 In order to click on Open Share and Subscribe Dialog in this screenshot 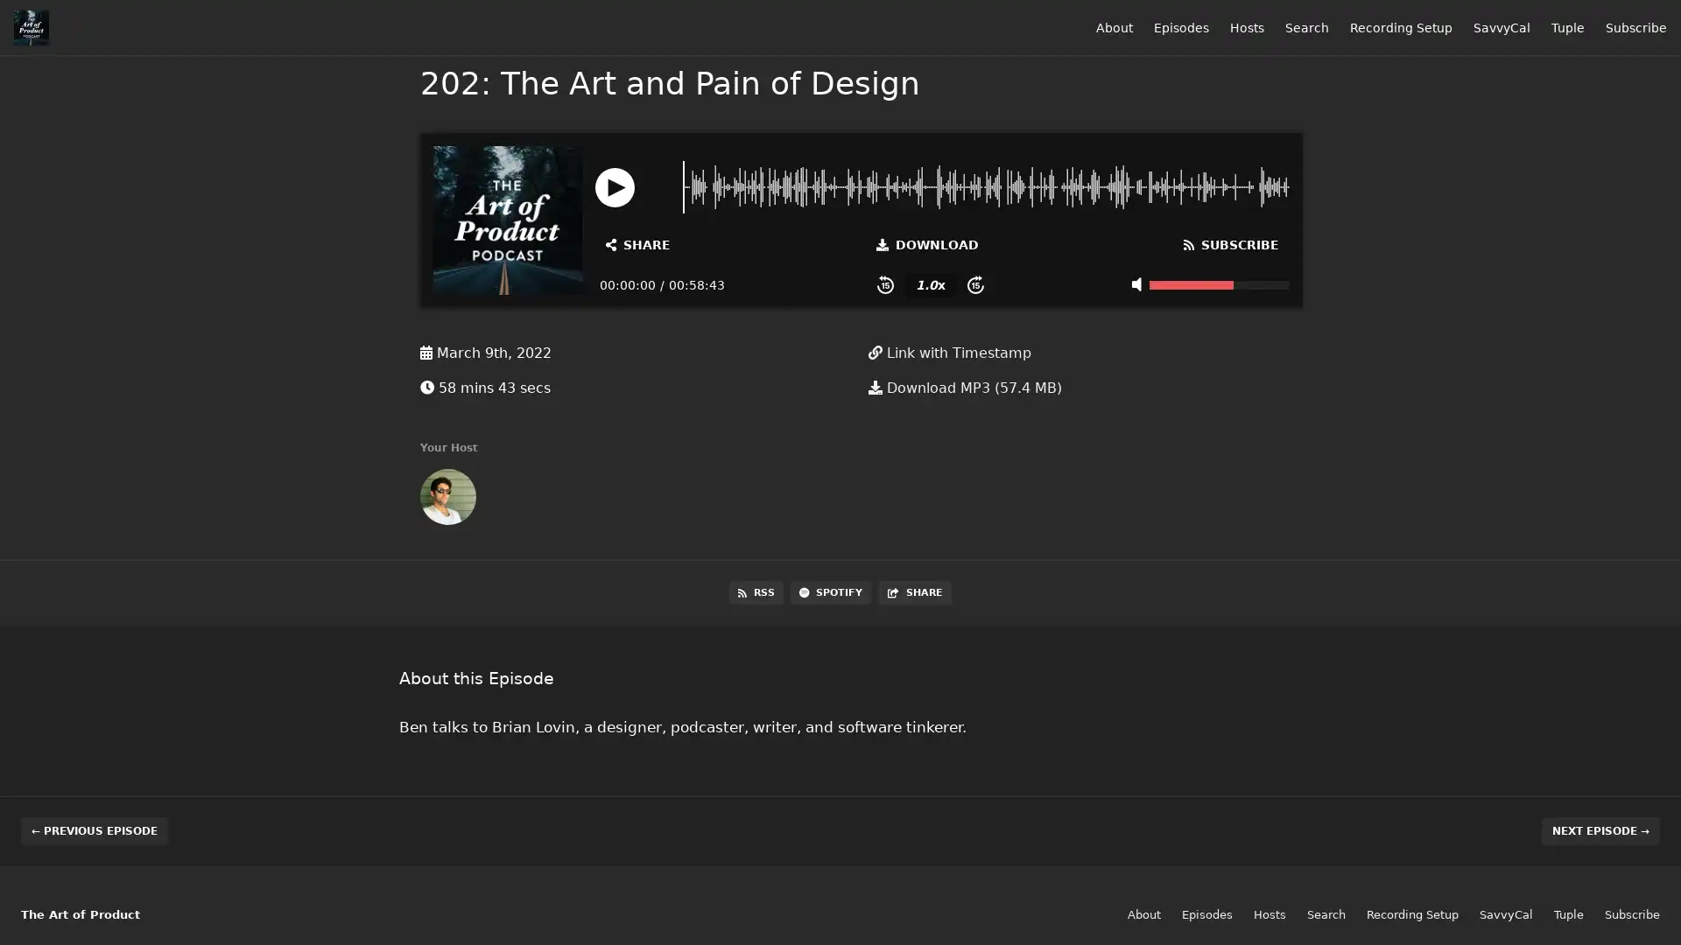, I will do `click(637, 243)`.